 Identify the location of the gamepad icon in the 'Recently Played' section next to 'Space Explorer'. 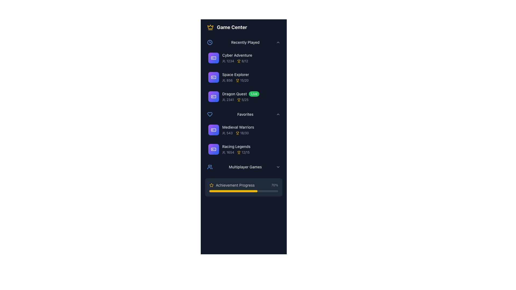
(213, 77).